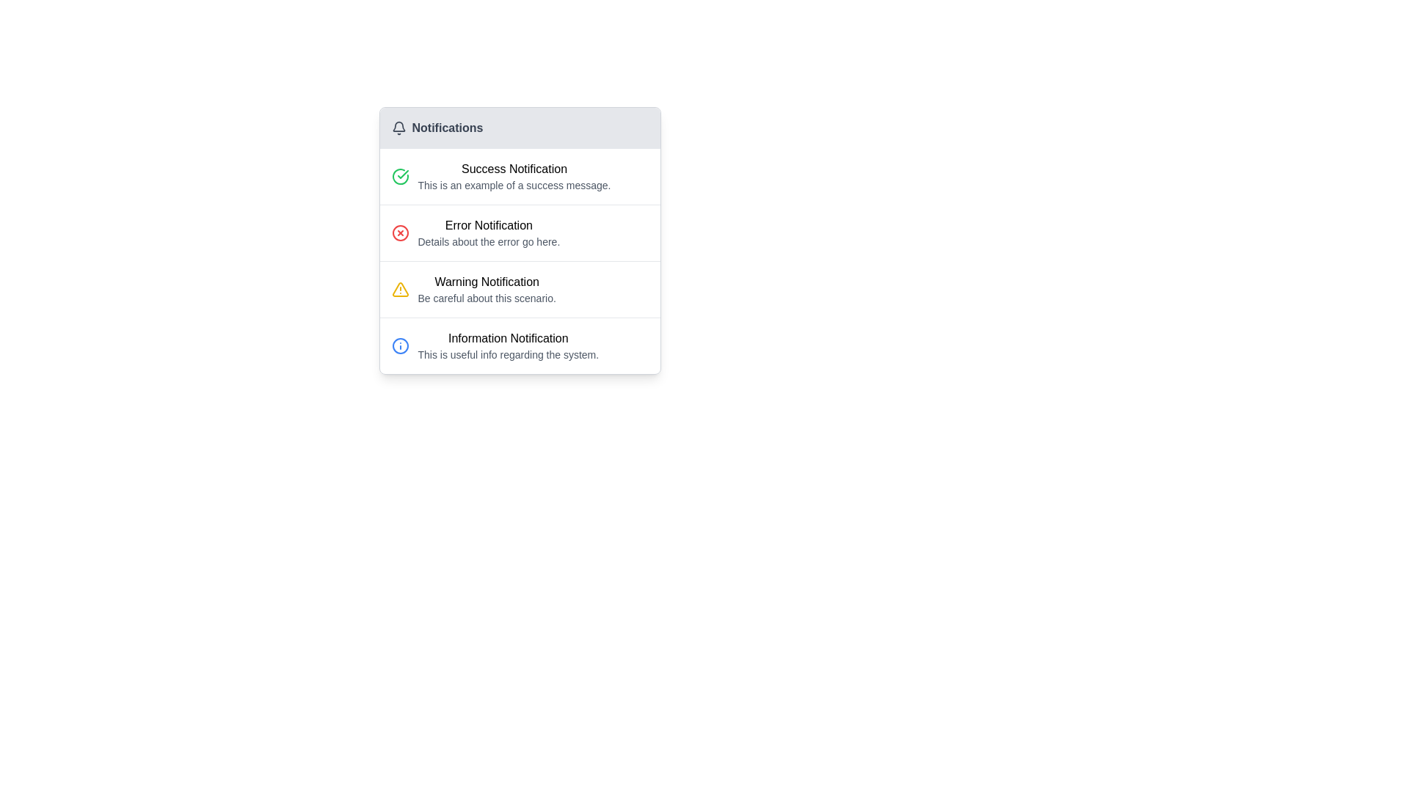 Image resolution: width=1409 pixels, height=792 pixels. I want to click on the error notification item, so click(520, 232).